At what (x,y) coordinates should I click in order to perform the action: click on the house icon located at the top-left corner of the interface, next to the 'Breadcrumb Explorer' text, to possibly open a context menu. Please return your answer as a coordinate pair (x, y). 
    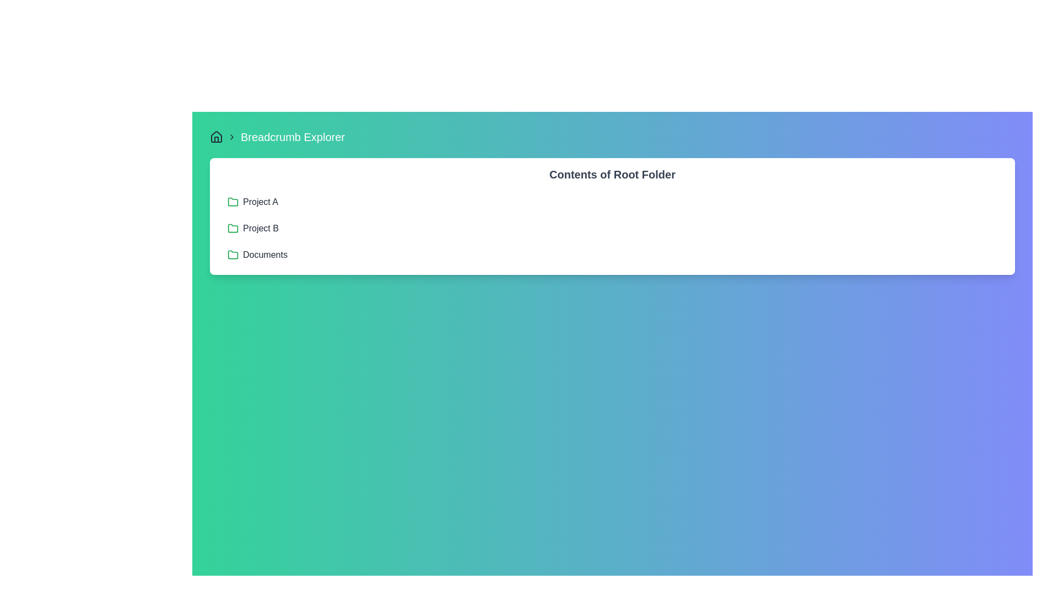
    Looking at the image, I should click on (217, 137).